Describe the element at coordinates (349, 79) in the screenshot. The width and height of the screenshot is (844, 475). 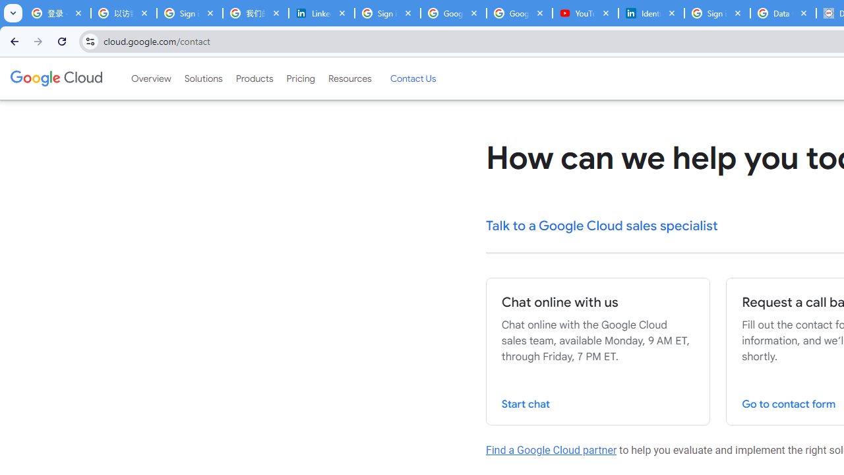
I see `'Resources'` at that location.